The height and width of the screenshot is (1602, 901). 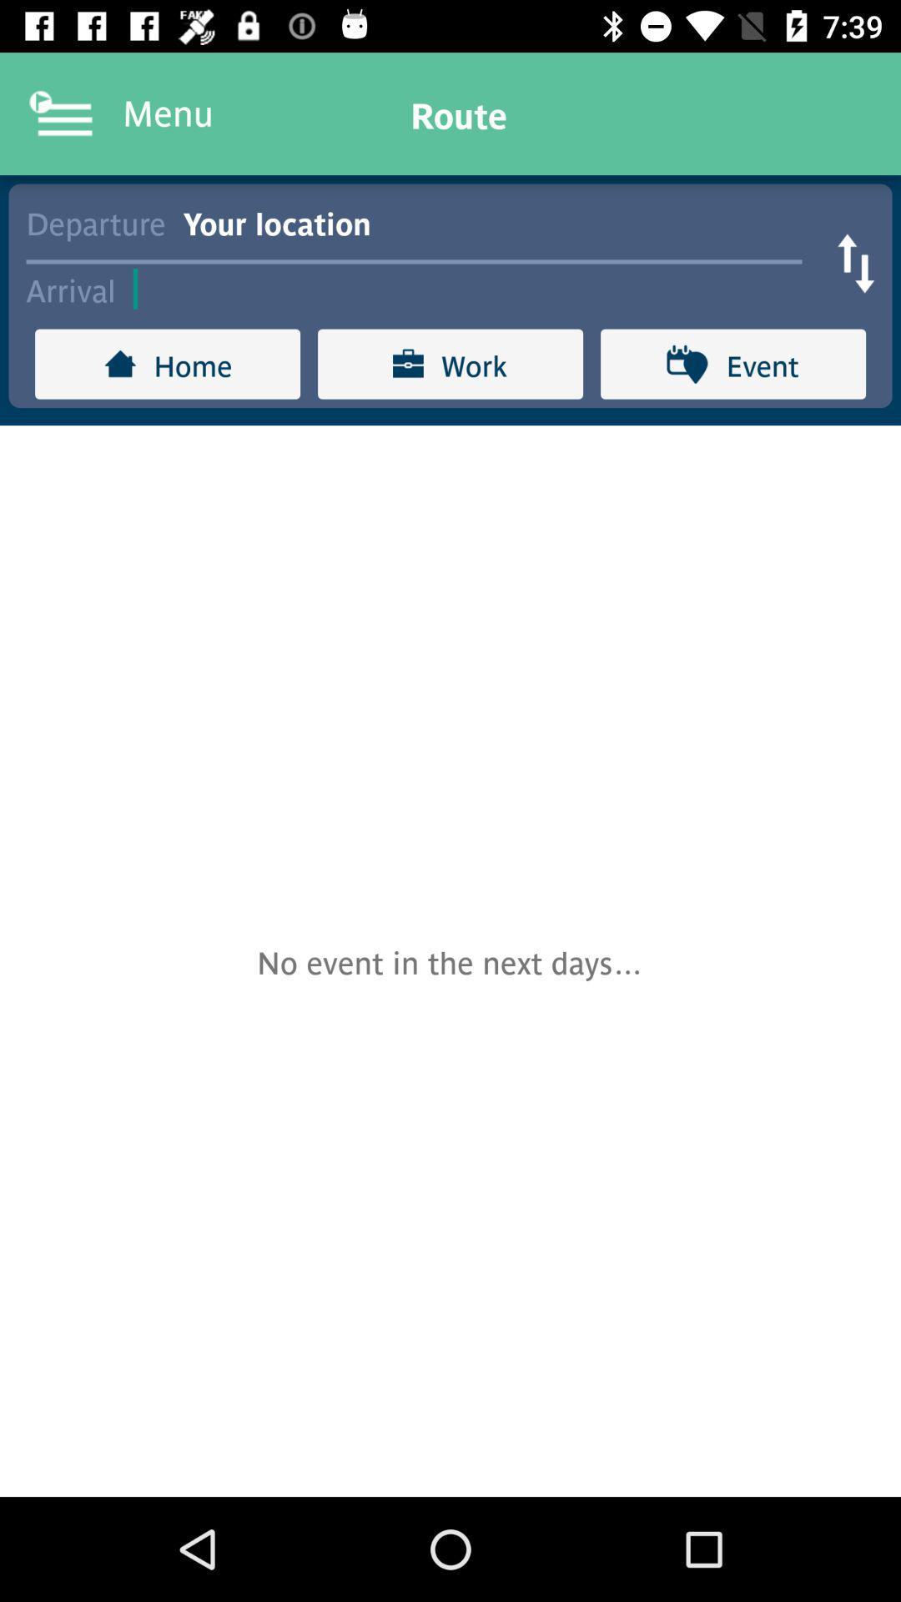 What do you see at coordinates (476, 289) in the screenshot?
I see `item to the right of arrival item` at bounding box center [476, 289].